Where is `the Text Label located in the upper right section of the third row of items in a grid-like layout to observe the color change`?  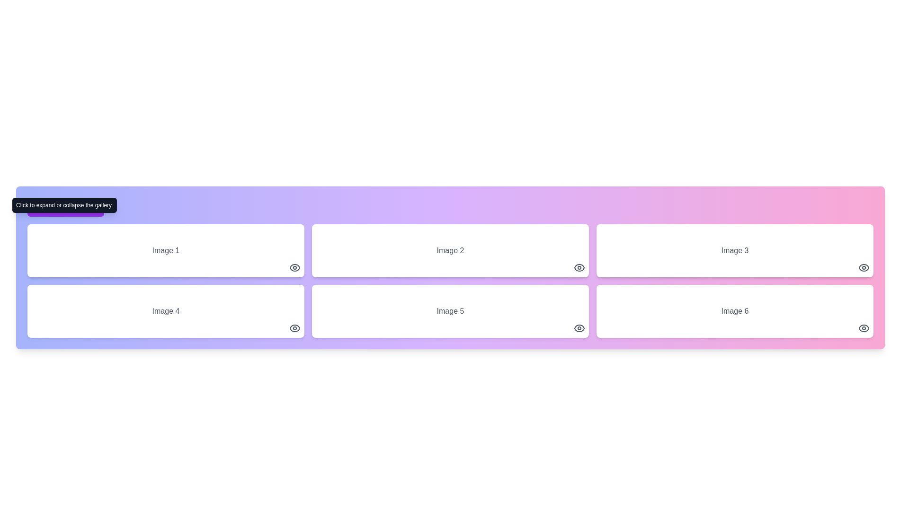
the Text Label located in the upper right section of the third row of items in a grid-like layout to observe the color change is located at coordinates (734, 250).